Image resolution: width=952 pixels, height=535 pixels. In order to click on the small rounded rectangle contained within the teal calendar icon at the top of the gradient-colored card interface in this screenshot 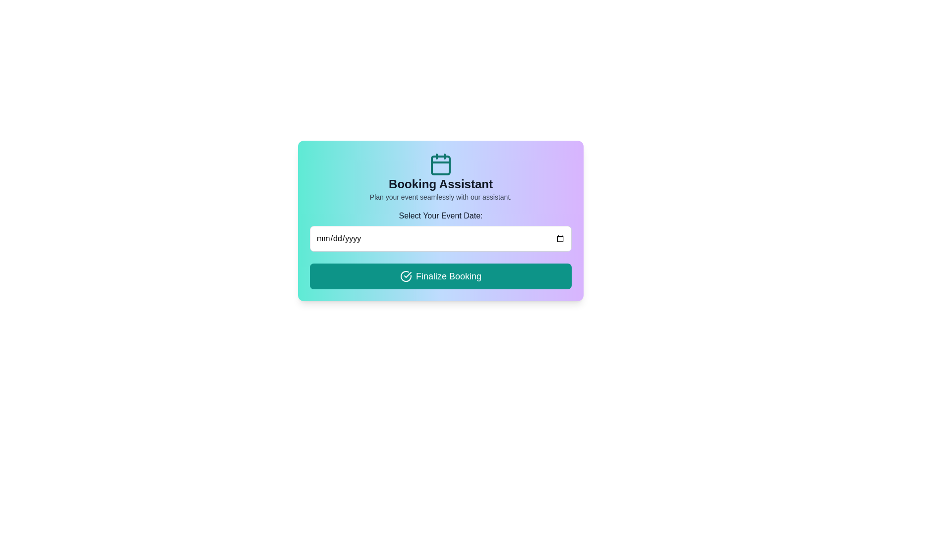, I will do `click(440, 165)`.